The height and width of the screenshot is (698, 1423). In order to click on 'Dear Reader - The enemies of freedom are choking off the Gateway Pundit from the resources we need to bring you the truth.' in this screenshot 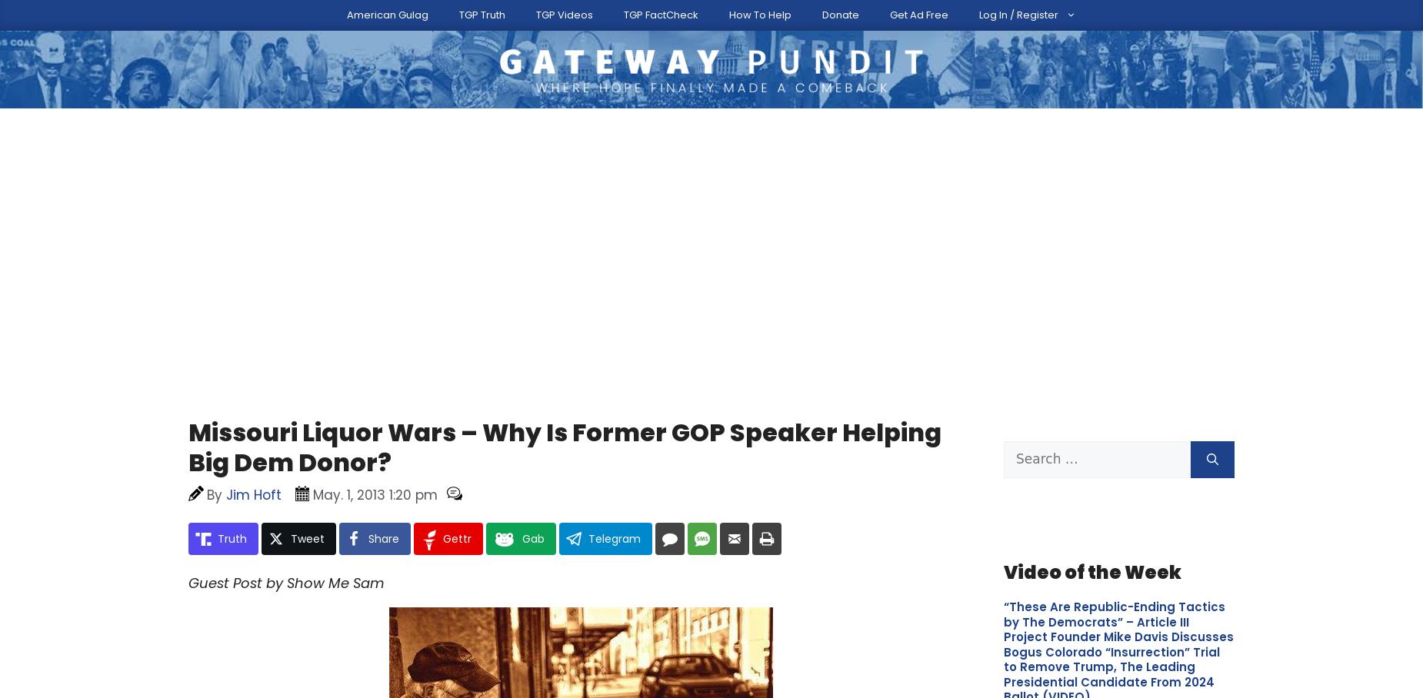, I will do `click(622, 465)`.